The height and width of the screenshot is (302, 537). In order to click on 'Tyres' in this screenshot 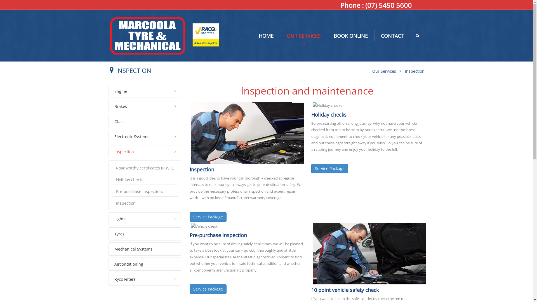, I will do `click(145, 234)`.